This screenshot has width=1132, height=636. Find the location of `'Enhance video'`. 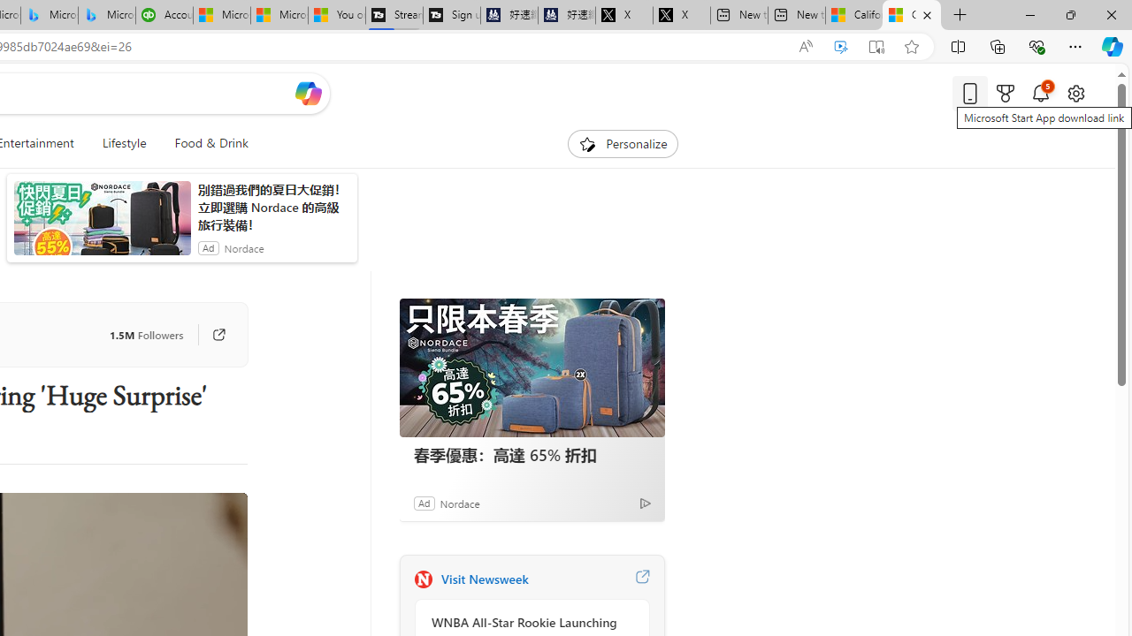

'Enhance video' is located at coordinates (840, 46).